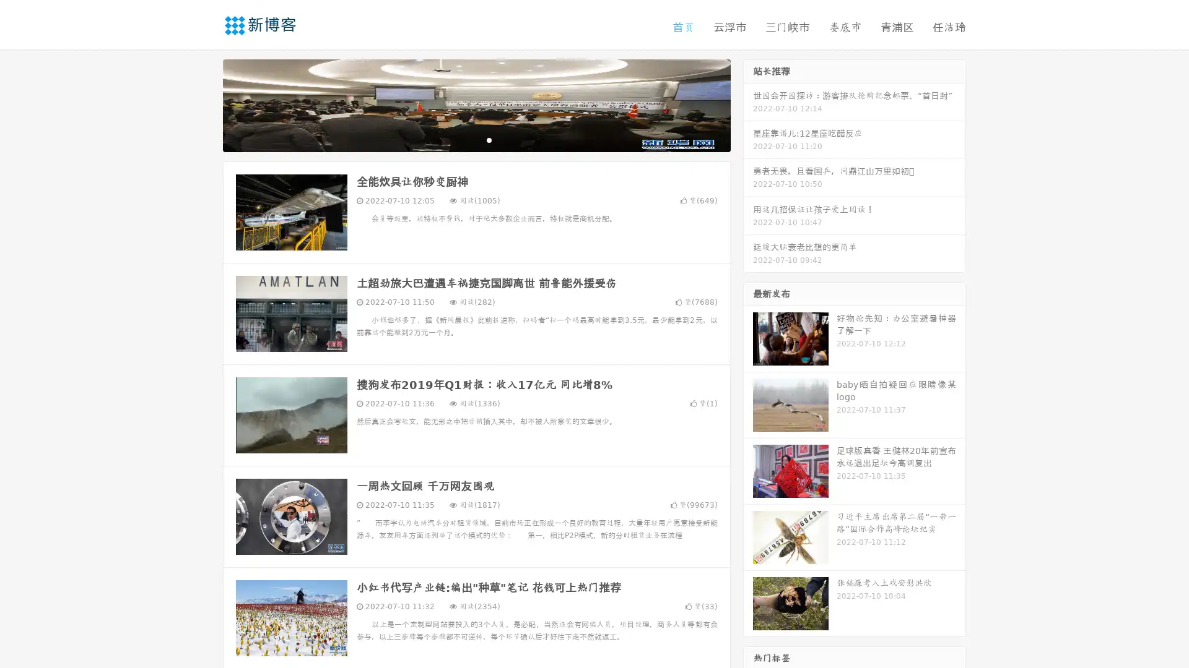 This screenshot has width=1189, height=668. Describe the element at coordinates (748, 104) in the screenshot. I see `Next slide` at that location.